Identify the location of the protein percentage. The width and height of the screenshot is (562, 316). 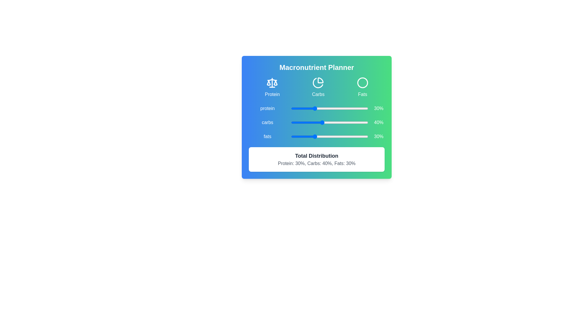
(295, 108).